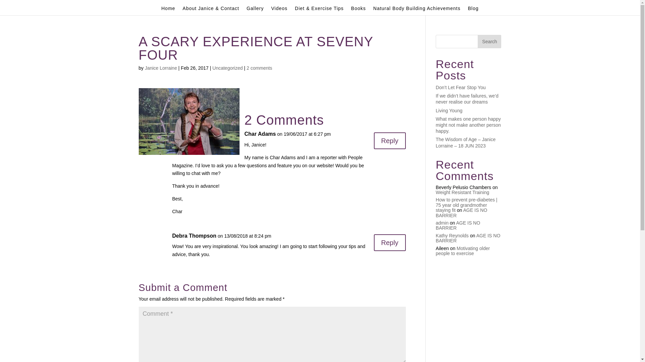 The image size is (645, 362). Describe the element at coordinates (452, 235) in the screenshot. I see `'Kathy Reynolds'` at that location.